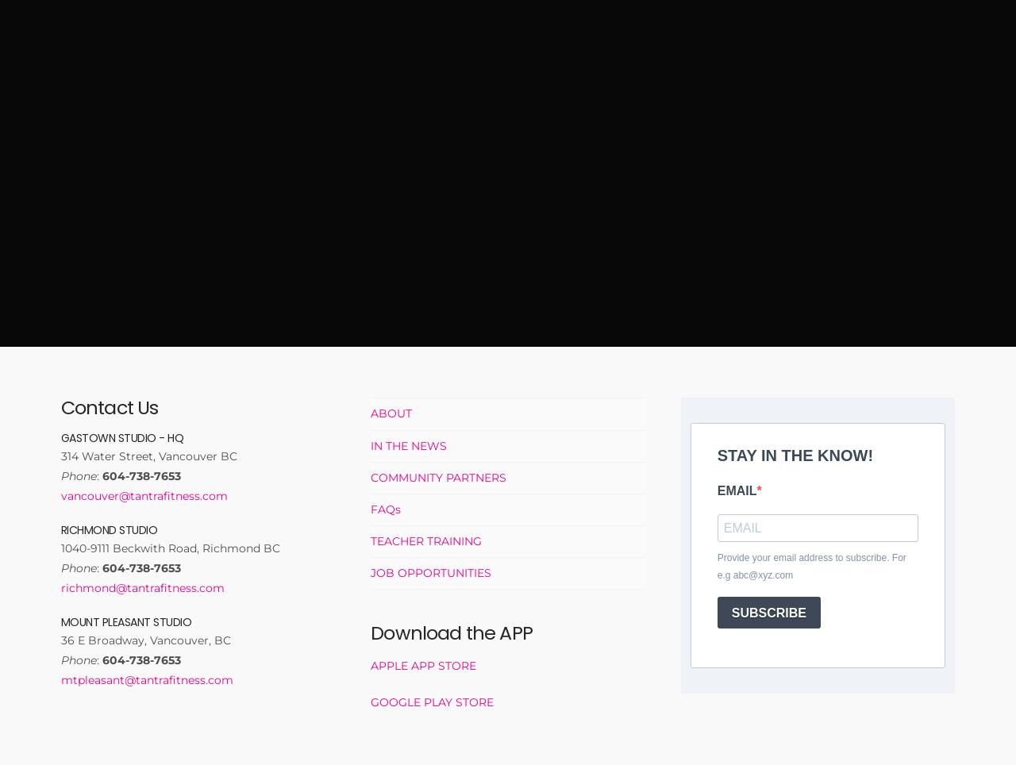 This screenshot has height=765, width=1016. I want to click on 'GOOGLE PLAY STORE', so click(369, 701).